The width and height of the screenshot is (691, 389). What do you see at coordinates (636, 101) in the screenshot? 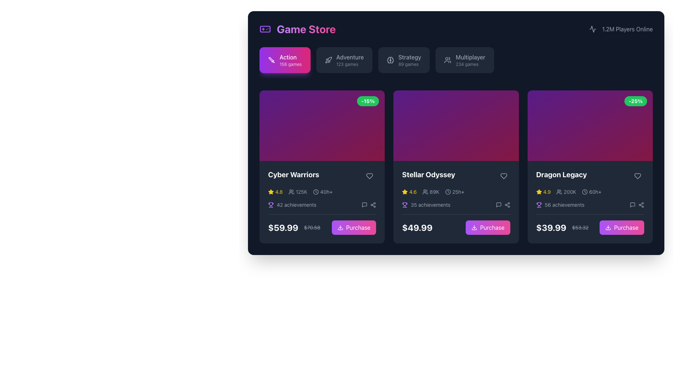
I see `the 25% discount badge located at the top-right corner of the 'Dragon Legacy' product card` at bounding box center [636, 101].